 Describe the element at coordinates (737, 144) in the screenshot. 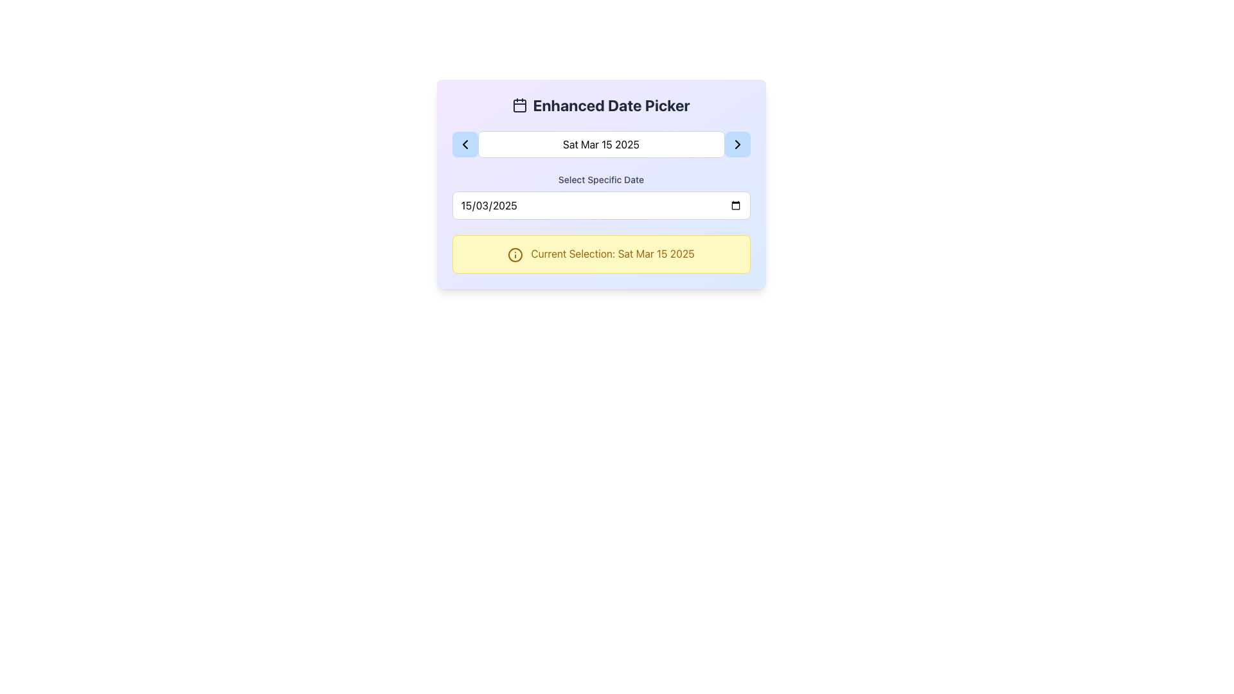

I see `the arrow button icon located to the far-right side of the date display field in the 'Enhanced Date Picker' control group` at that location.